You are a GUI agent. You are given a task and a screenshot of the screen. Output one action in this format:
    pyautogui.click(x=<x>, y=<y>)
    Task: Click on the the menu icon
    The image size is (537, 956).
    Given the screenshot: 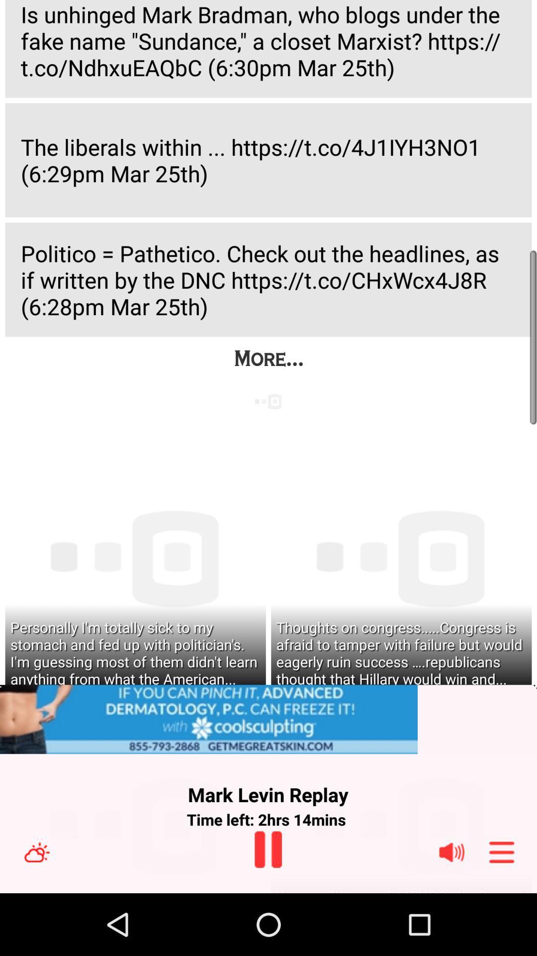 What is the action you would take?
    pyautogui.click(x=502, y=912)
    